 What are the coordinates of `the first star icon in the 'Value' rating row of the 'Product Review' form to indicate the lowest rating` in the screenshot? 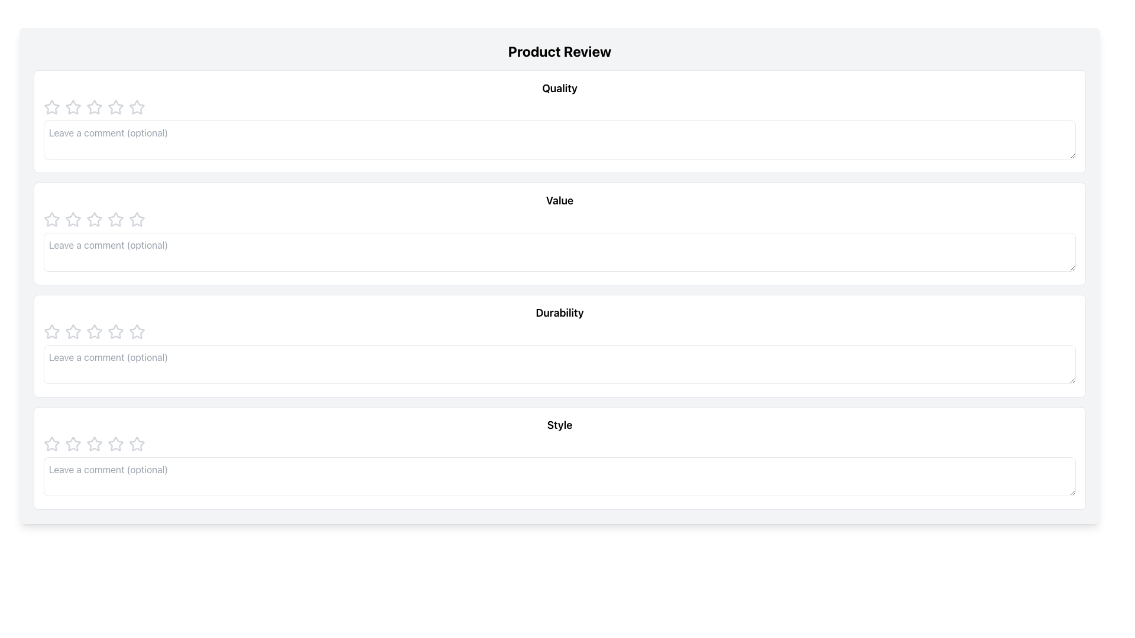 It's located at (72, 219).